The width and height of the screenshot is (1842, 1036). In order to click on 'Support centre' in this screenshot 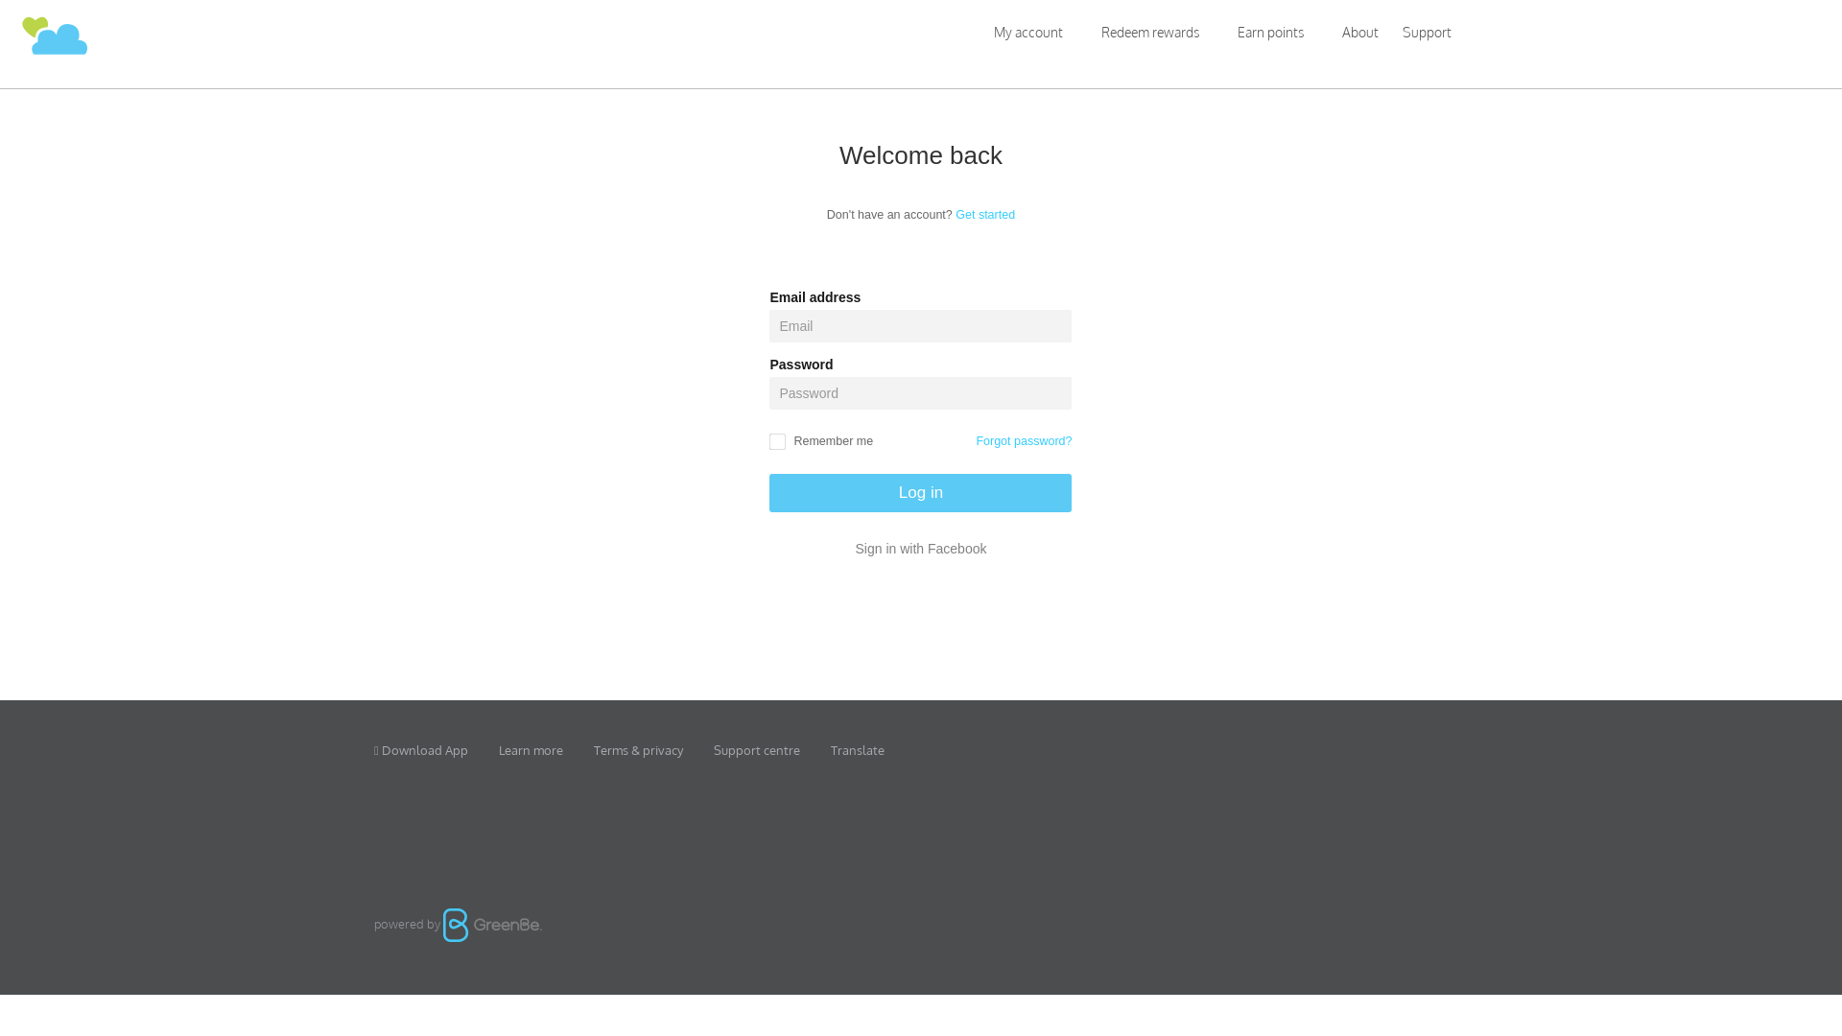, I will do `click(755, 749)`.